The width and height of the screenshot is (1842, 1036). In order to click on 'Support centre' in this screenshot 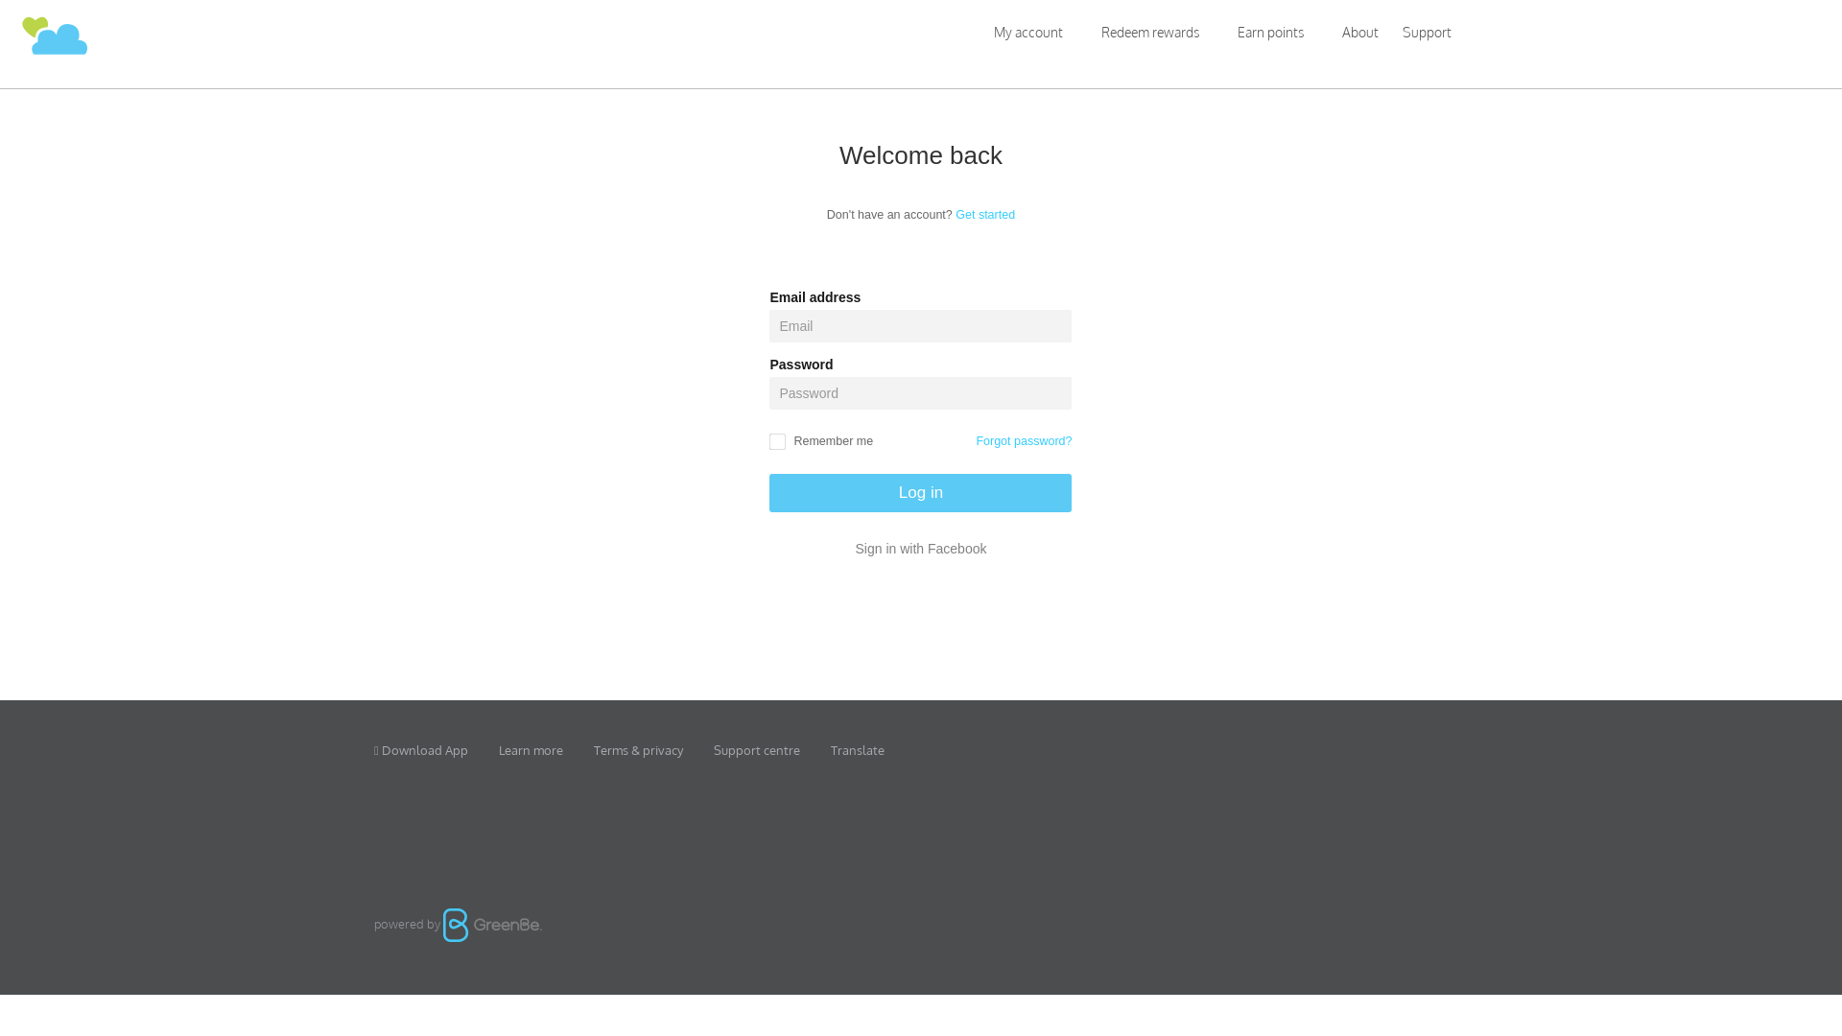, I will do `click(755, 749)`.